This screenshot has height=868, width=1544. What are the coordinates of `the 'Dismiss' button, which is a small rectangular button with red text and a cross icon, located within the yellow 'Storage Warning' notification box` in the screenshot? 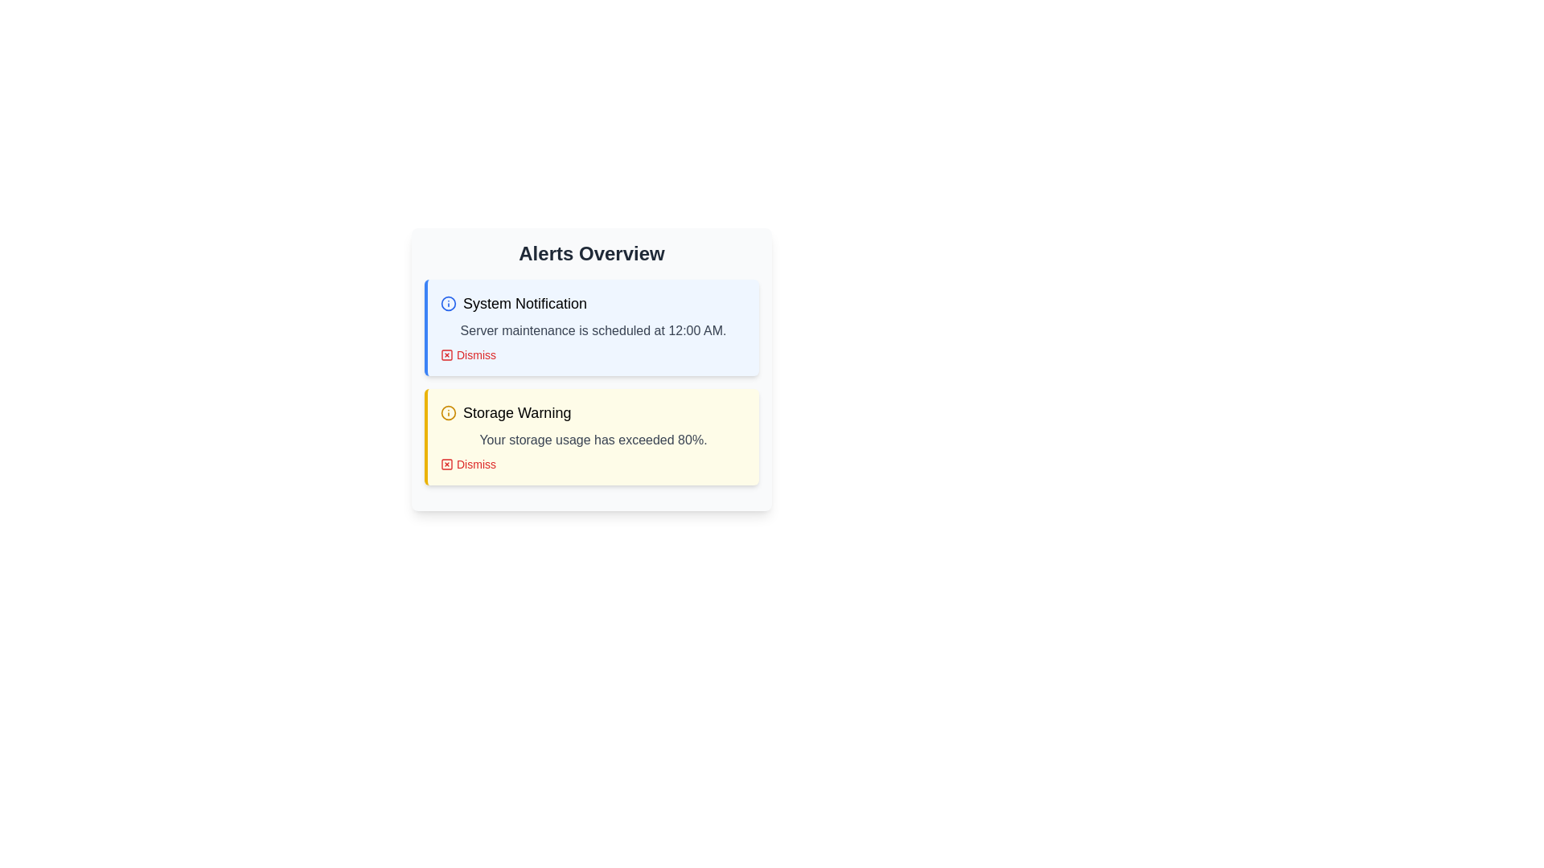 It's located at (467, 465).